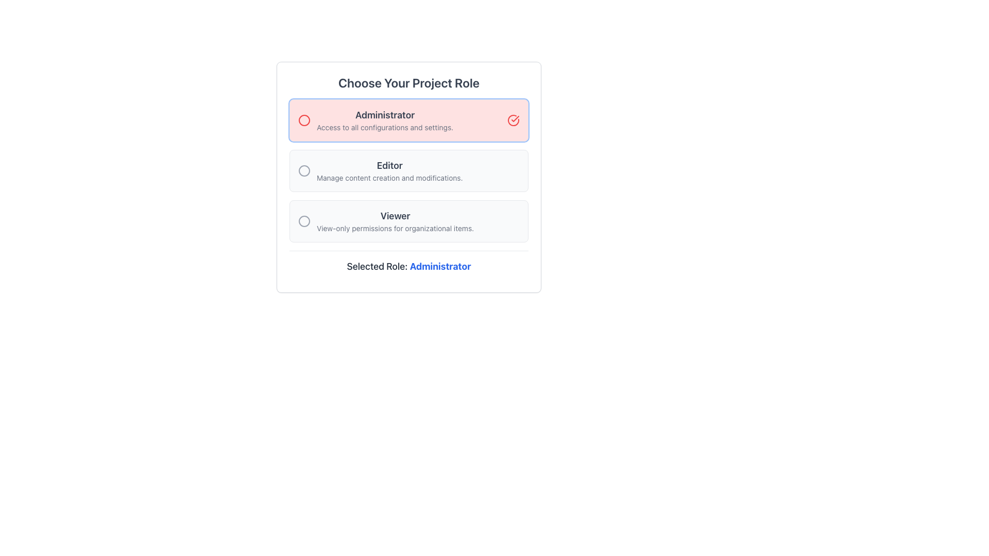  What do you see at coordinates (514, 120) in the screenshot?
I see `the icon that serves as a visual indicator for the selection of the 'Administrator' role, located in the upper right of the highlighted 'Administrator' selection area` at bounding box center [514, 120].